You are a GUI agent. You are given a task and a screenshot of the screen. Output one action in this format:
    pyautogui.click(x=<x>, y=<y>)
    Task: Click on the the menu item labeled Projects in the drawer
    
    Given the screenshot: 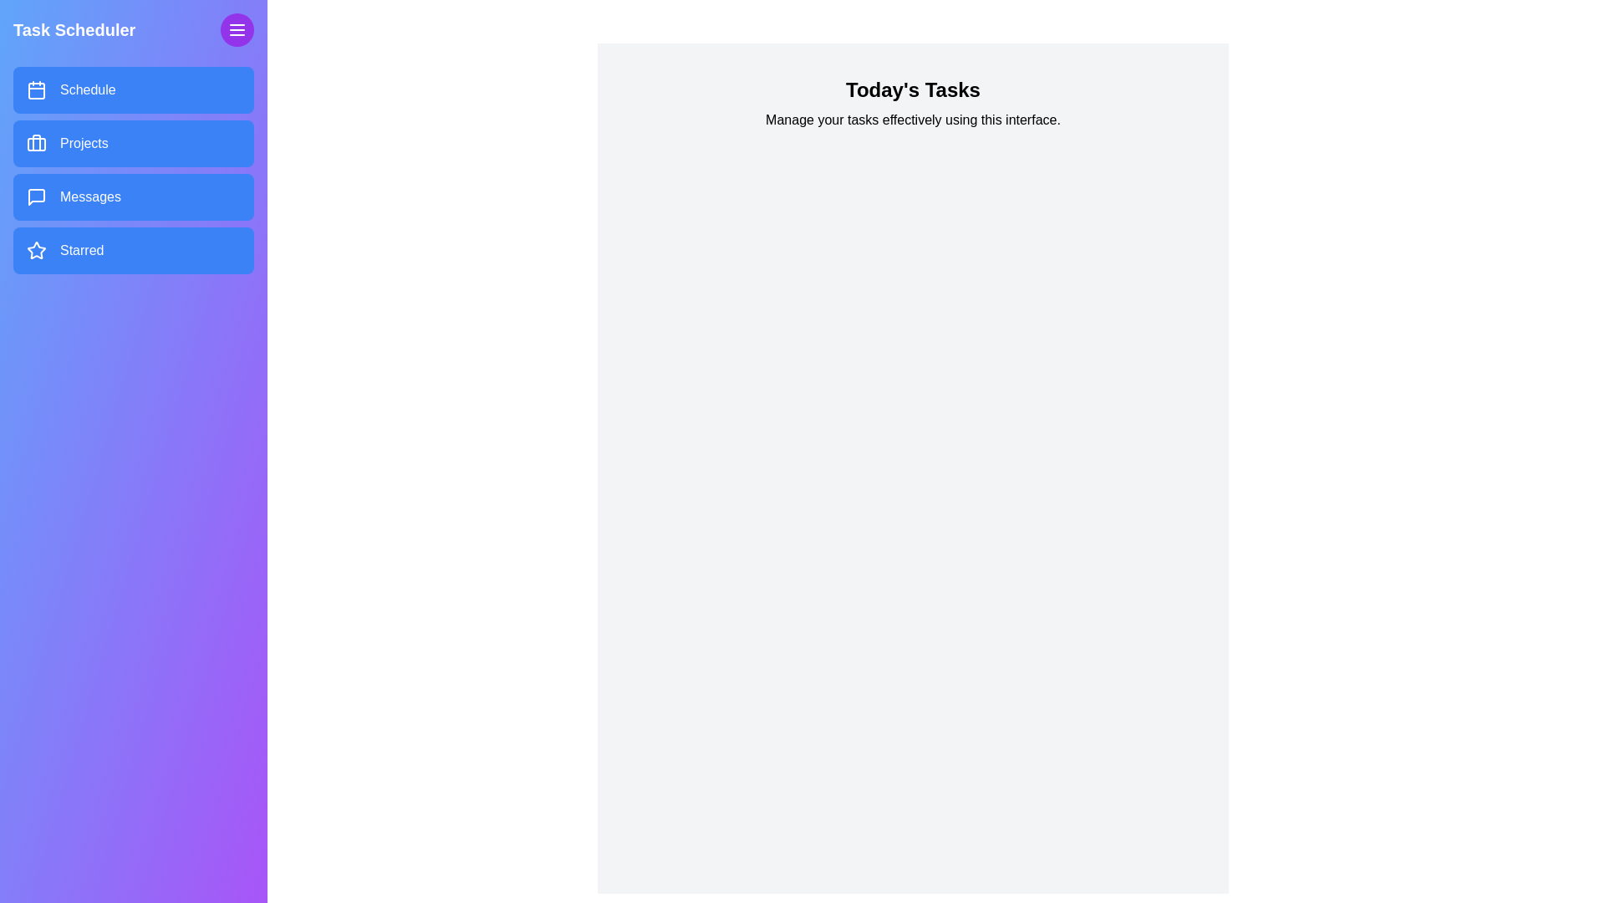 What is the action you would take?
    pyautogui.click(x=132, y=143)
    